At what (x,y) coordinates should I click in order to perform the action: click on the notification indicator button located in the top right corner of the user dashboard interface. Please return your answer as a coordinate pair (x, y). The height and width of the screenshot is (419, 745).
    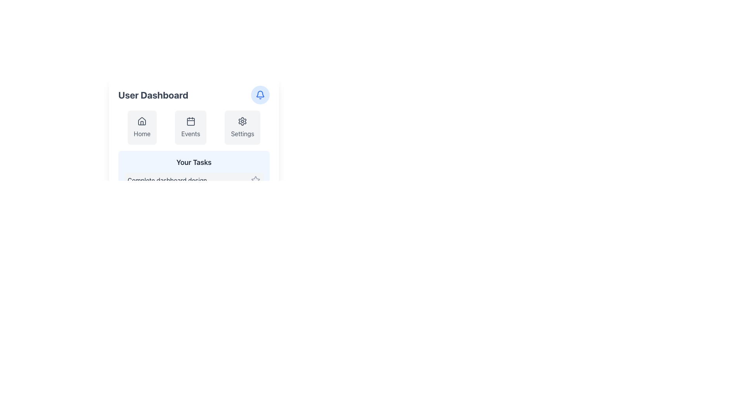
    Looking at the image, I should click on (260, 95).